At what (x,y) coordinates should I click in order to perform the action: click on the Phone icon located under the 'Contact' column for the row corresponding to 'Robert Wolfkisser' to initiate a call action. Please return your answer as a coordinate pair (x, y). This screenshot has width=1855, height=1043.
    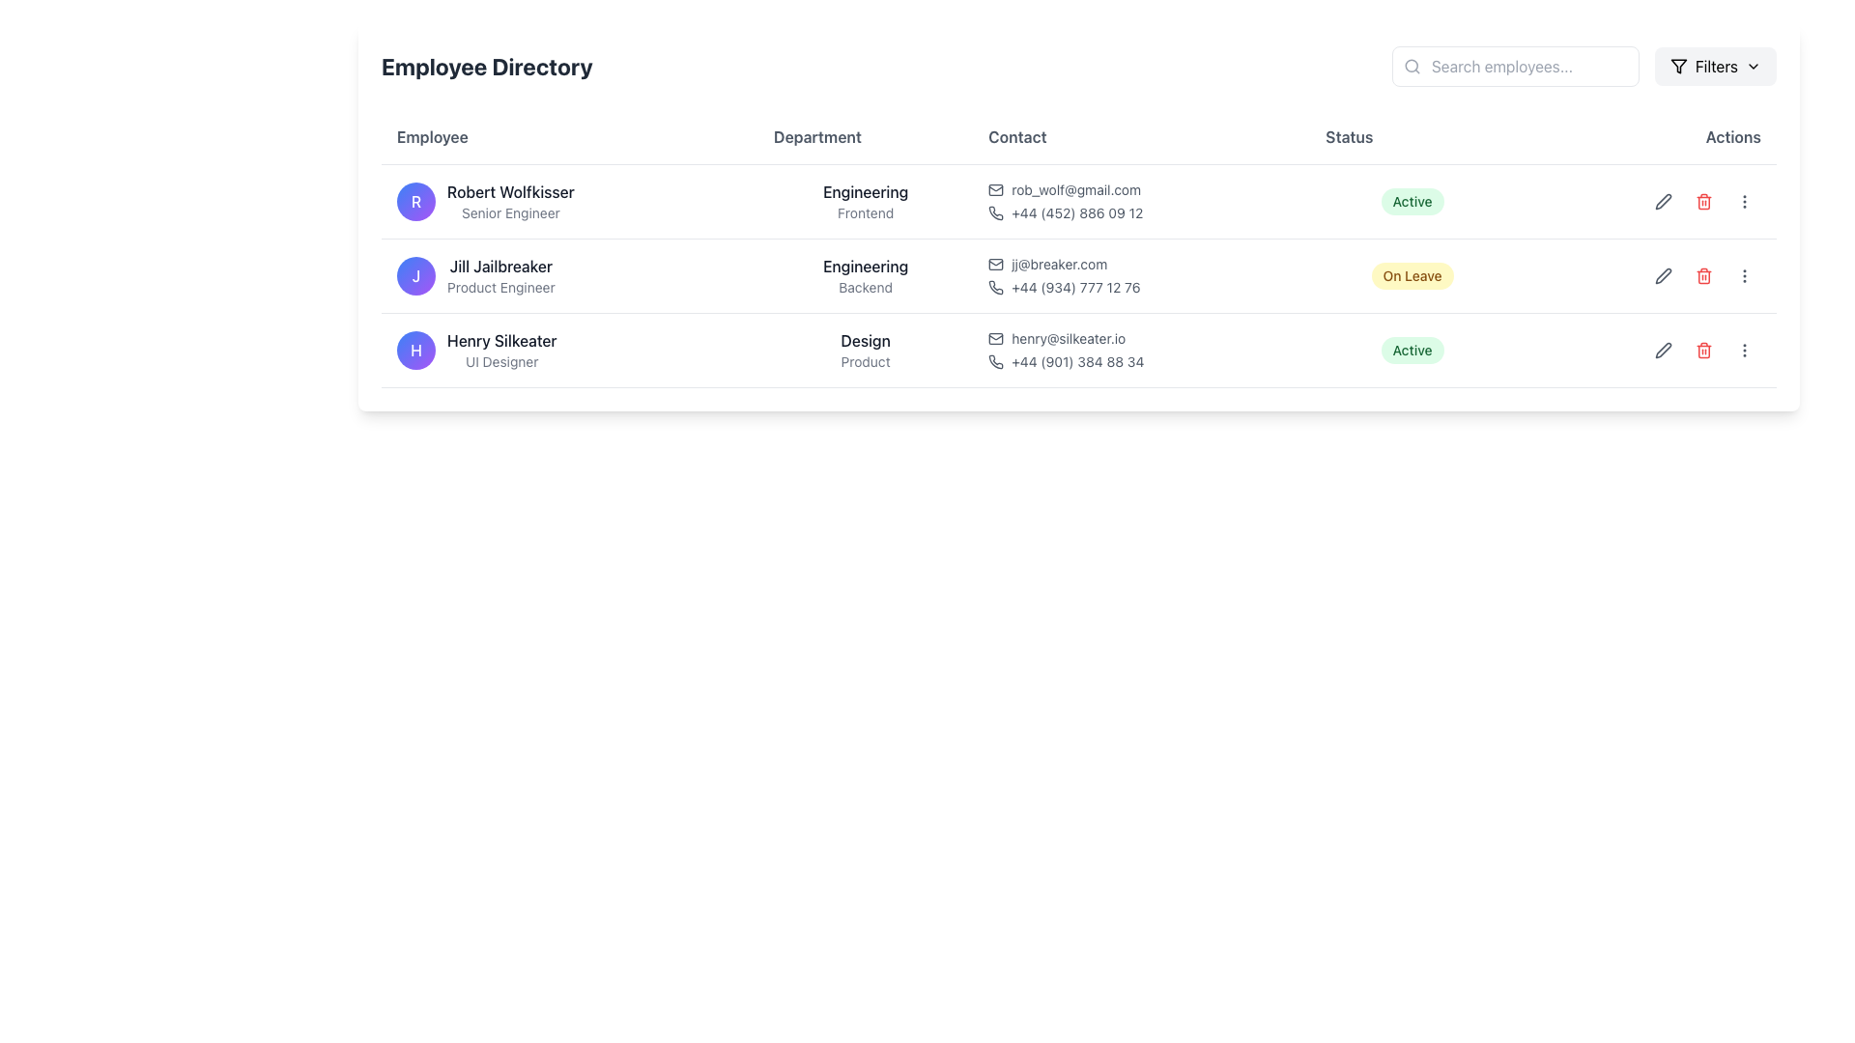
    Looking at the image, I should click on (996, 212).